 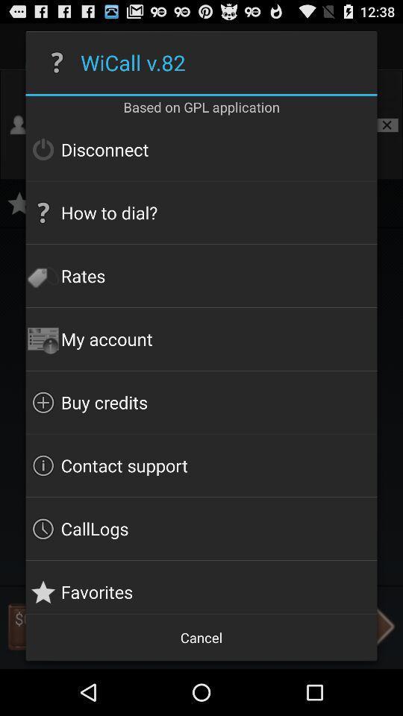 I want to click on button above cancel item, so click(x=201, y=587).